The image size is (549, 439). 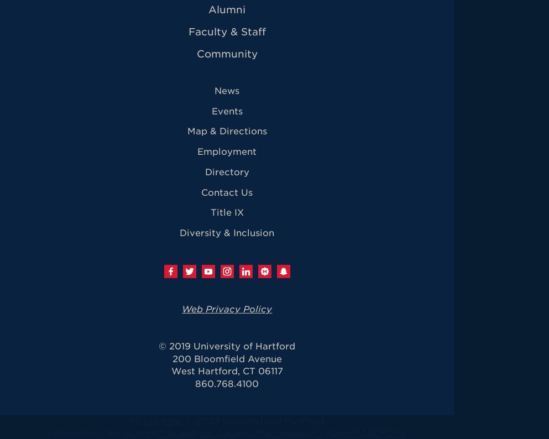 I want to click on 'Alumni', so click(x=226, y=9).